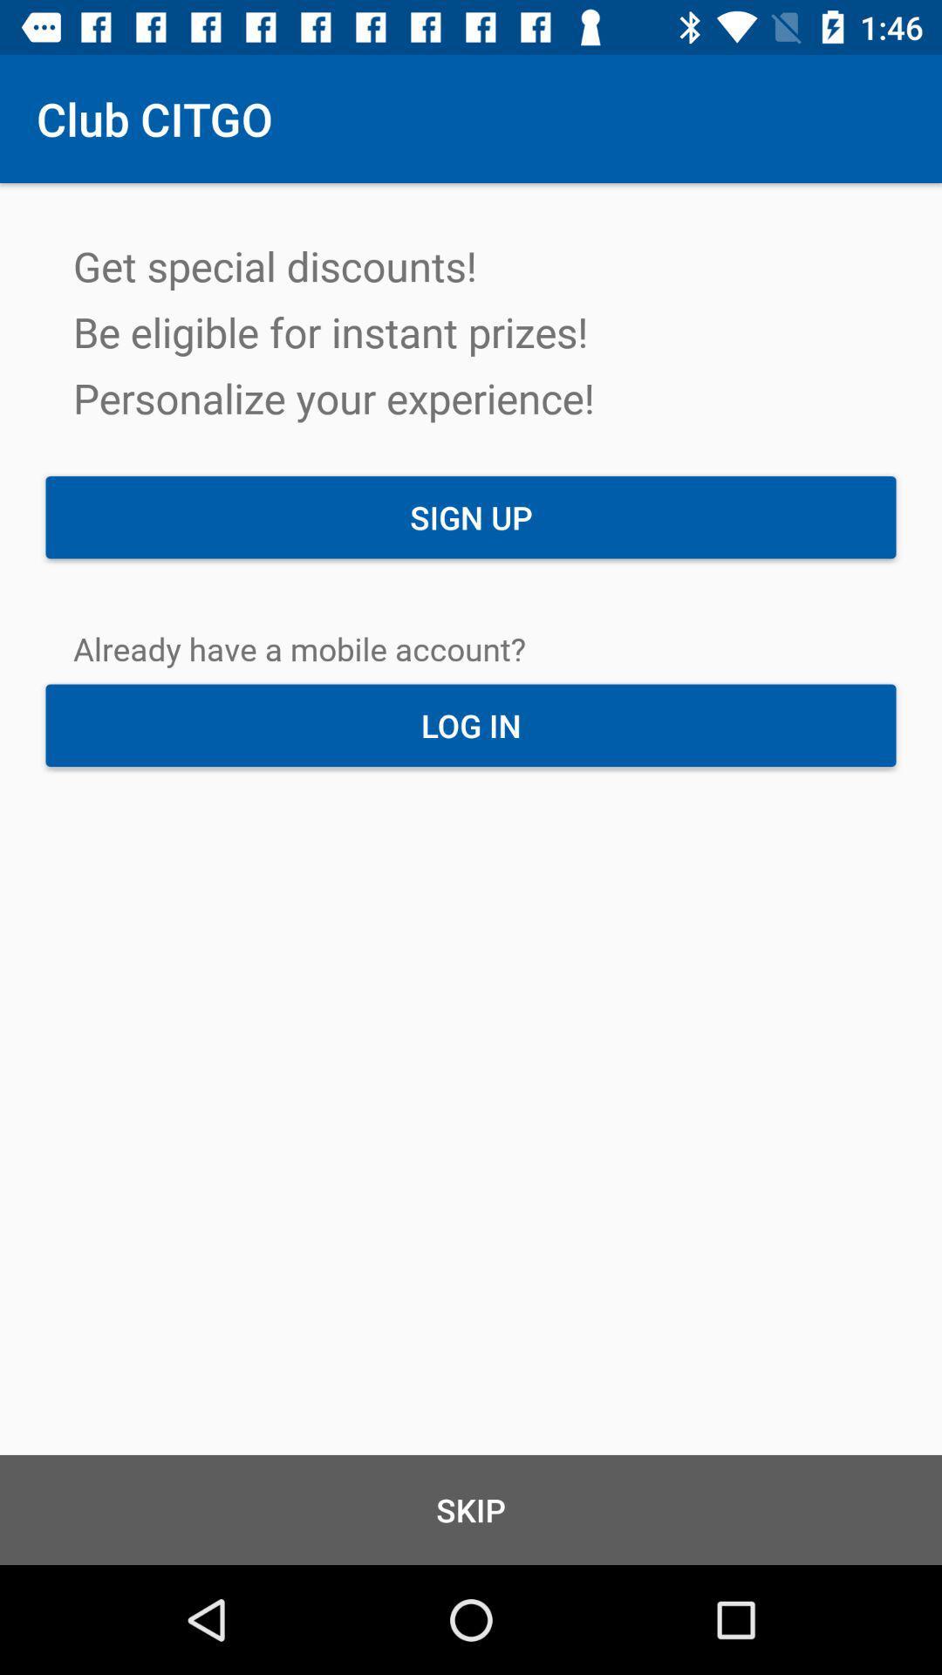 Image resolution: width=942 pixels, height=1675 pixels. What do you see at coordinates (471, 1509) in the screenshot?
I see `the skip` at bounding box center [471, 1509].